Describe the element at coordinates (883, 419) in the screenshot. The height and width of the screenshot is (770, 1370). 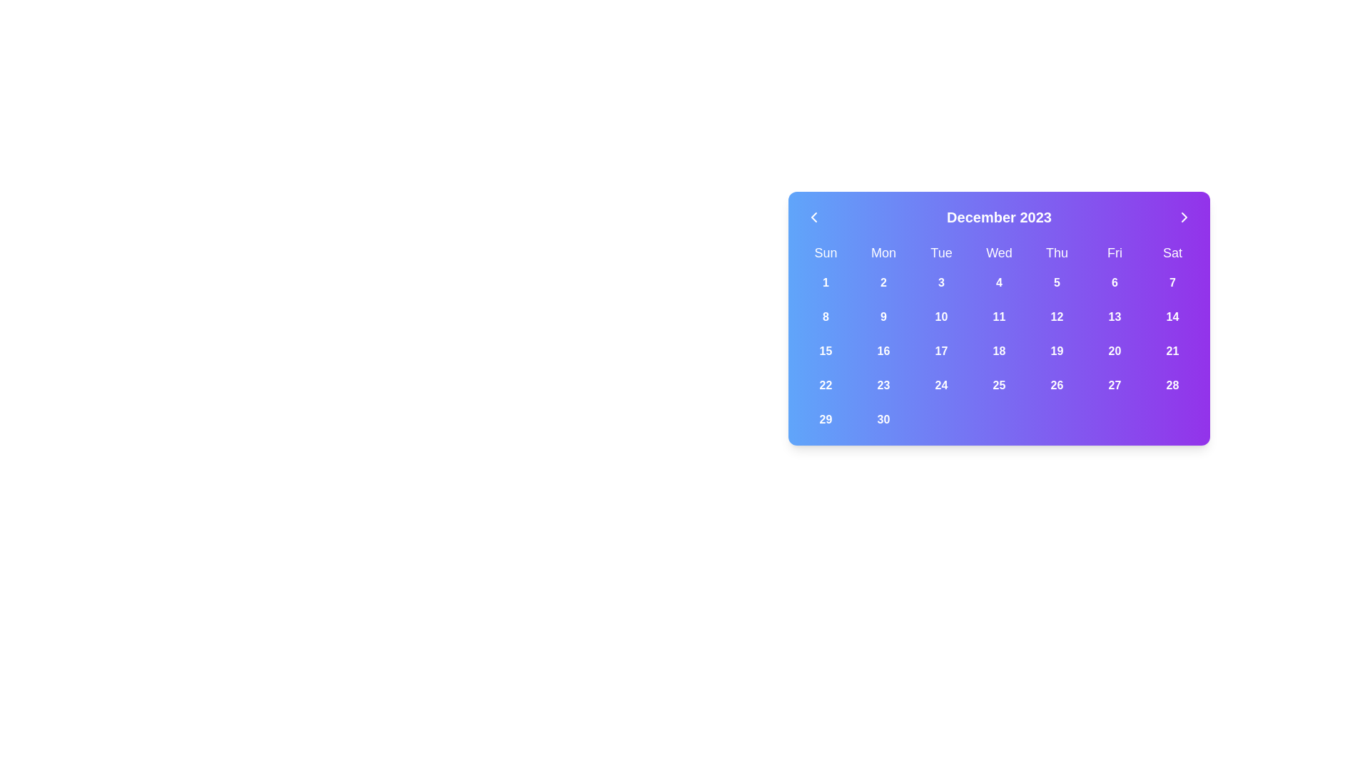
I see `the button representing the day '30'` at that location.